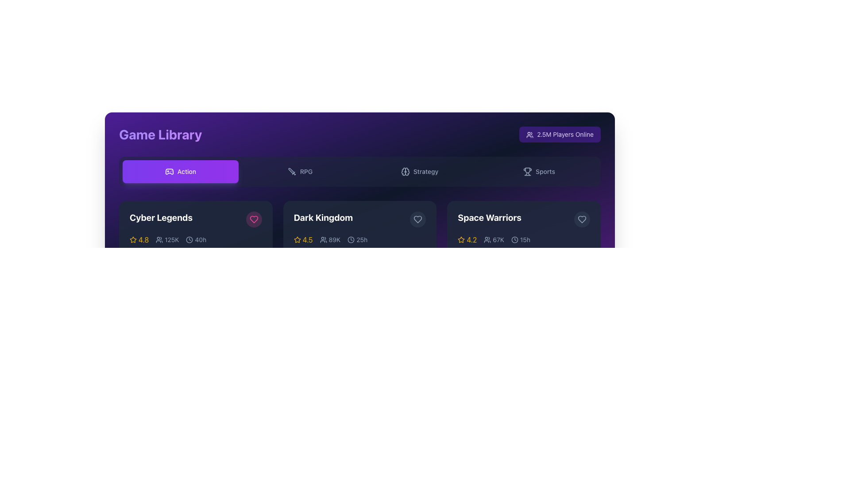  I want to click on numeric rating displayed in the rating element for the game 'Dark Kingdom', located in the lower-left part of its card, so click(303, 240).